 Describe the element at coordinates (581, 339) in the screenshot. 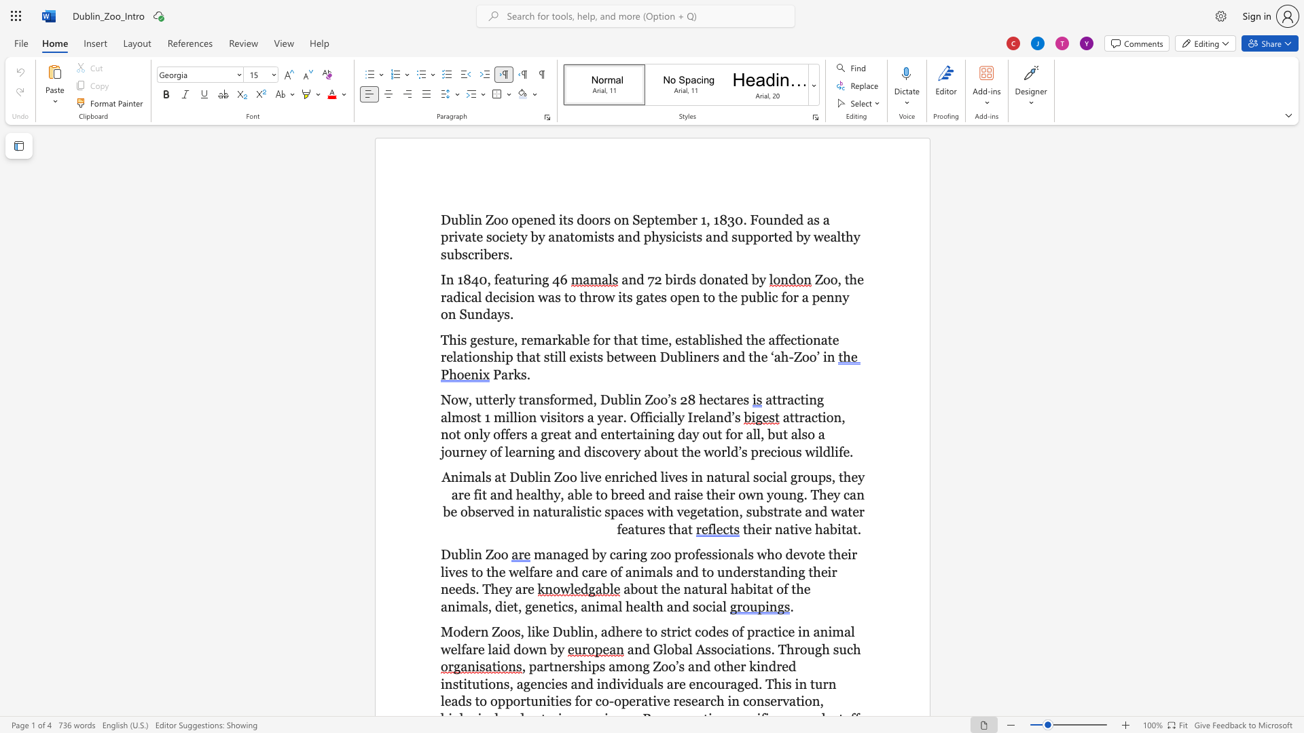

I see `the 1th character "l" in the text` at that location.